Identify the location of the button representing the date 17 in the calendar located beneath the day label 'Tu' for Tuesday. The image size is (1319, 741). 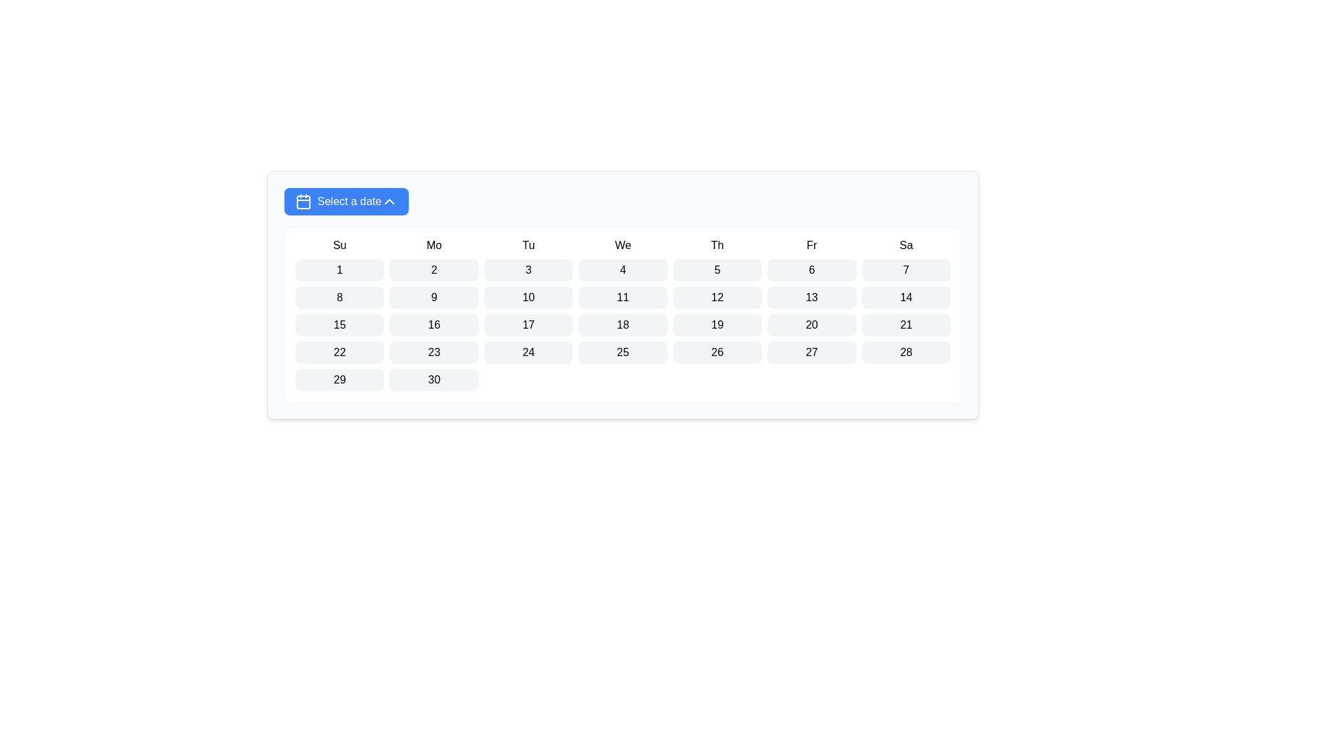
(528, 325).